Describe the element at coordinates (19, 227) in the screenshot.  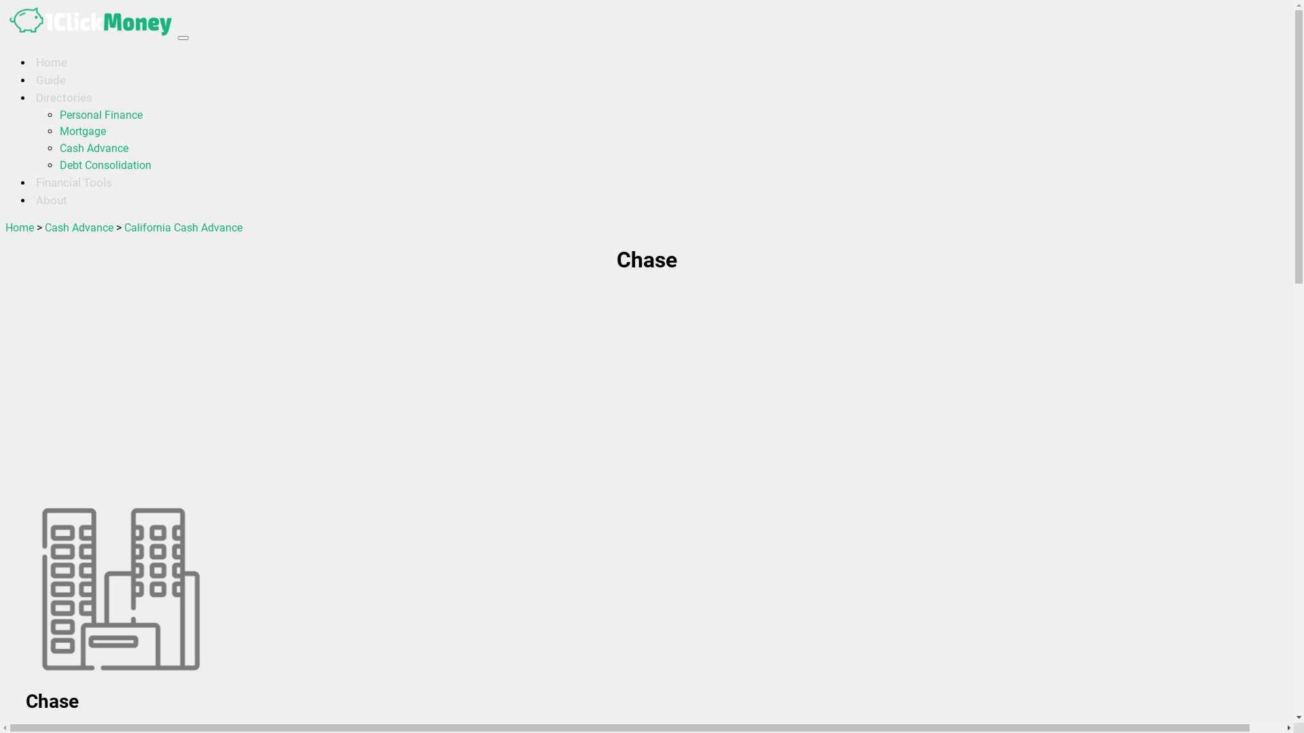
I see `'Home'` at that location.